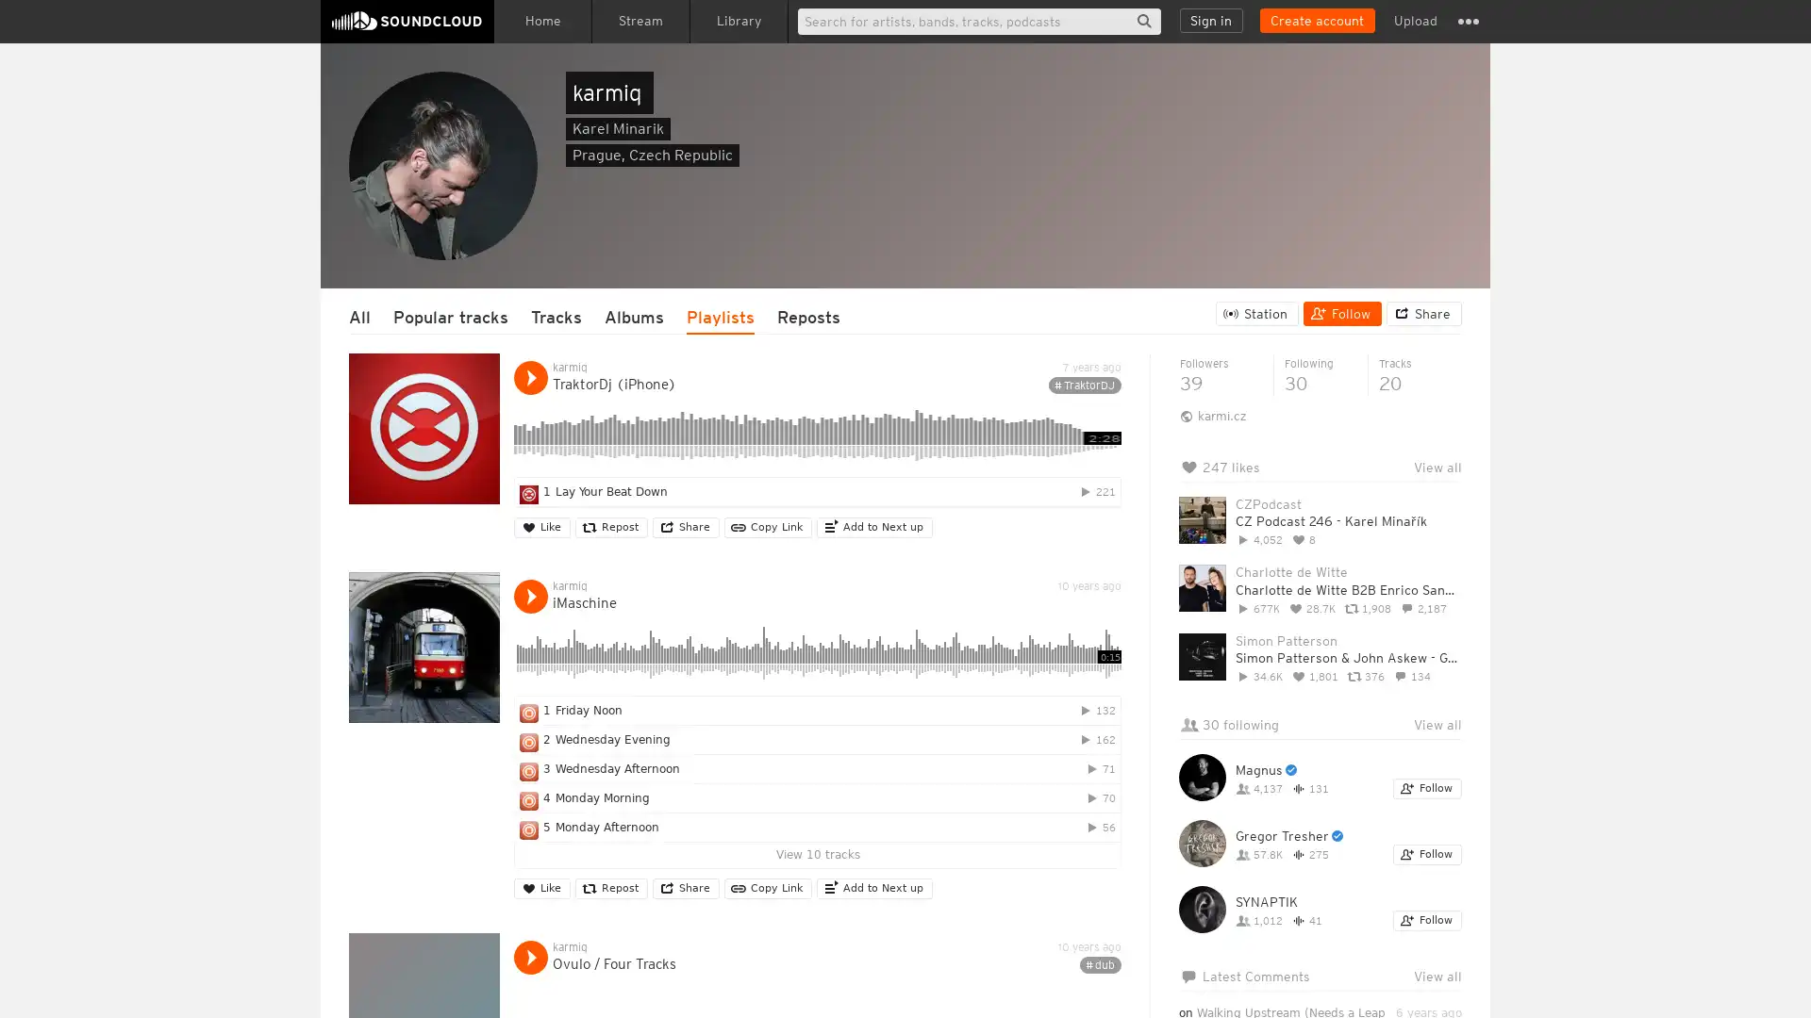 Image resolution: width=1811 pixels, height=1018 pixels. I want to click on Add to Next up, so click(873, 527).